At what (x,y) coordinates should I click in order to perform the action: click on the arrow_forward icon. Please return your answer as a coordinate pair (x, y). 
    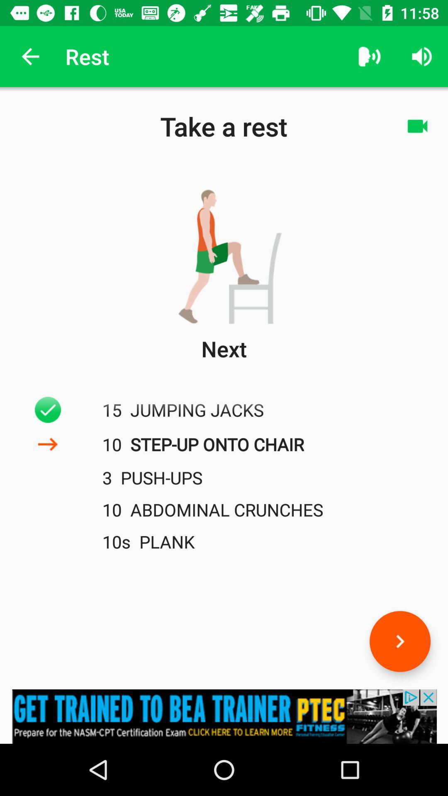
    Looking at the image, I should click on (399, 641).